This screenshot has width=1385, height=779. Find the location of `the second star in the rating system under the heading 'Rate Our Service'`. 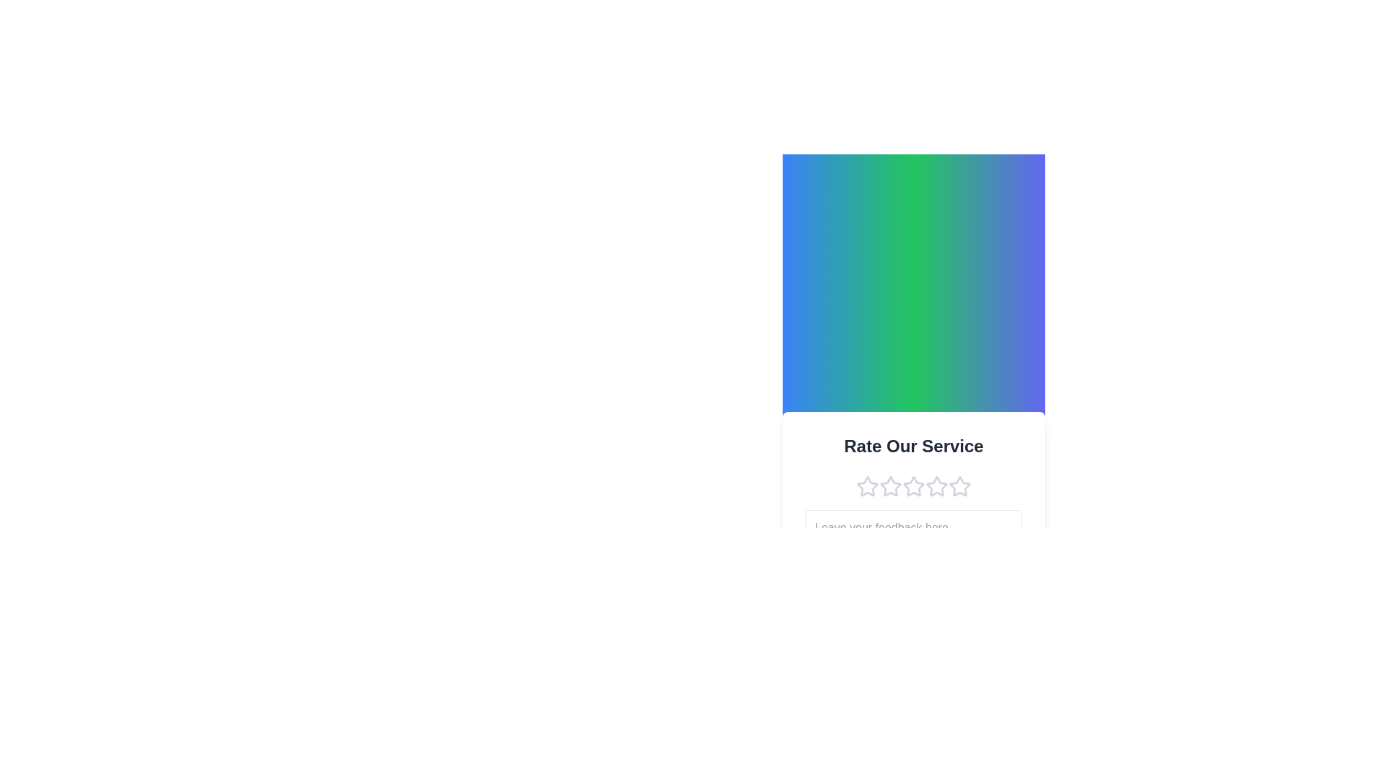

the second star in the rating system under the heading 'Rate Our Service' is located at coordinates (889, 485).